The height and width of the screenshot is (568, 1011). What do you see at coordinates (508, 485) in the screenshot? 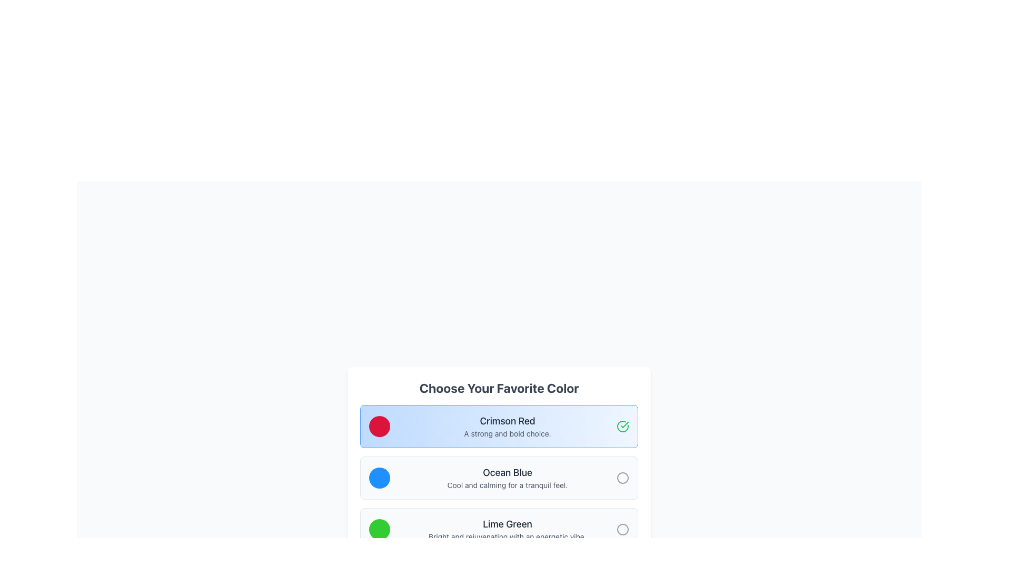
I see `descriptive Static Text providing additional context about the 'Ocean Blue' color option, located beneath the main title 'Ocean Blue' in the color selection menu` at bounding box center [508, 485].